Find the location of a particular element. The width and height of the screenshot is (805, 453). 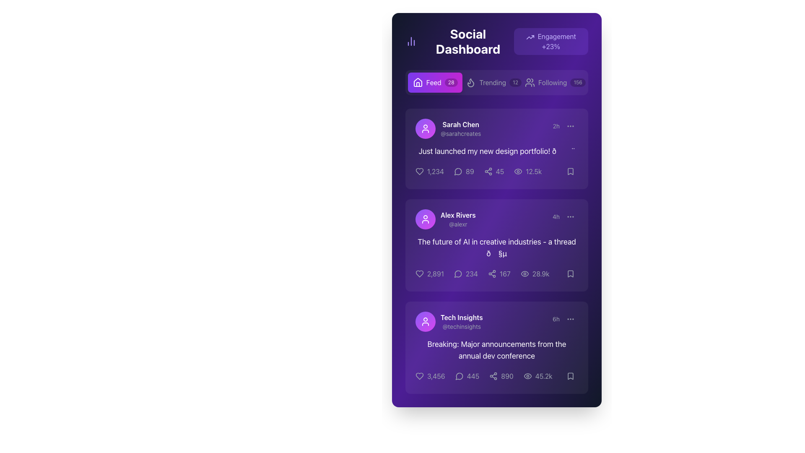

the text label displaying '4h' in gray font, which is located in the middle-right area of the card for the post authored by Alex Rivers is located at coordinates (556, 216).